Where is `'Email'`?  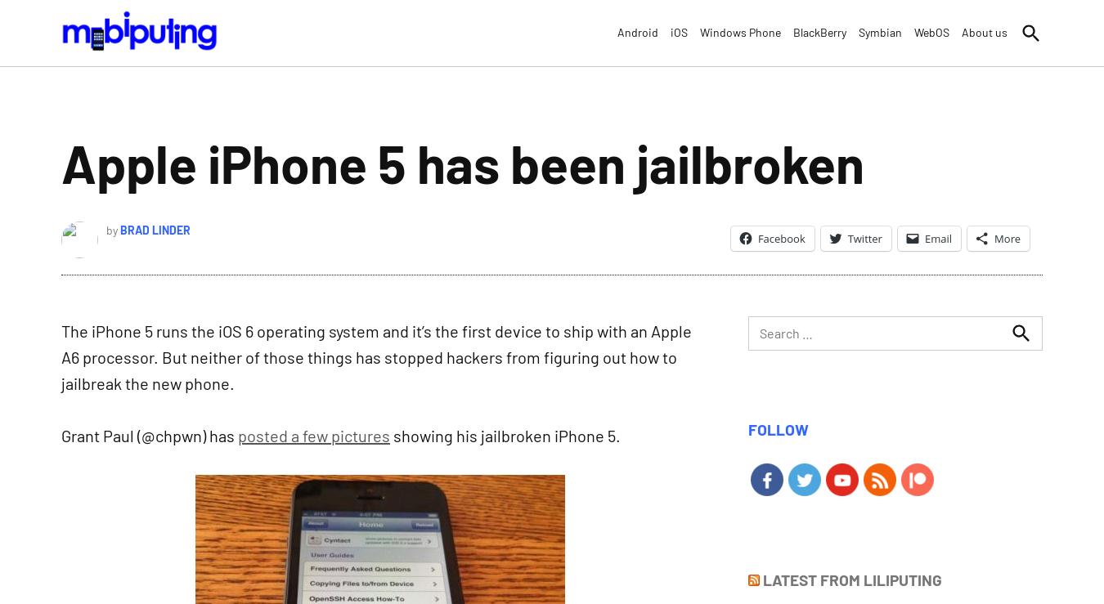 'Email' is located at coordinates (936, 237).